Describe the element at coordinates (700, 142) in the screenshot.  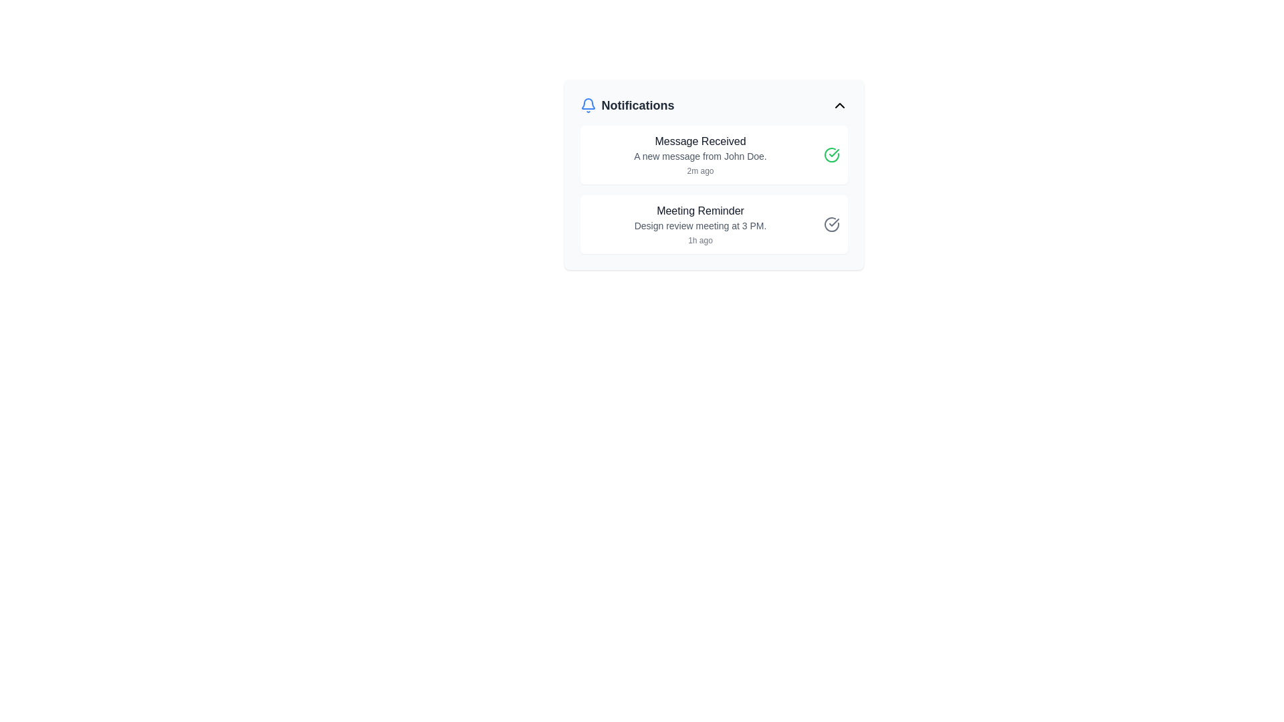
I see `the Text Label at the top of the notification card that summarizes the notification content` at that location.